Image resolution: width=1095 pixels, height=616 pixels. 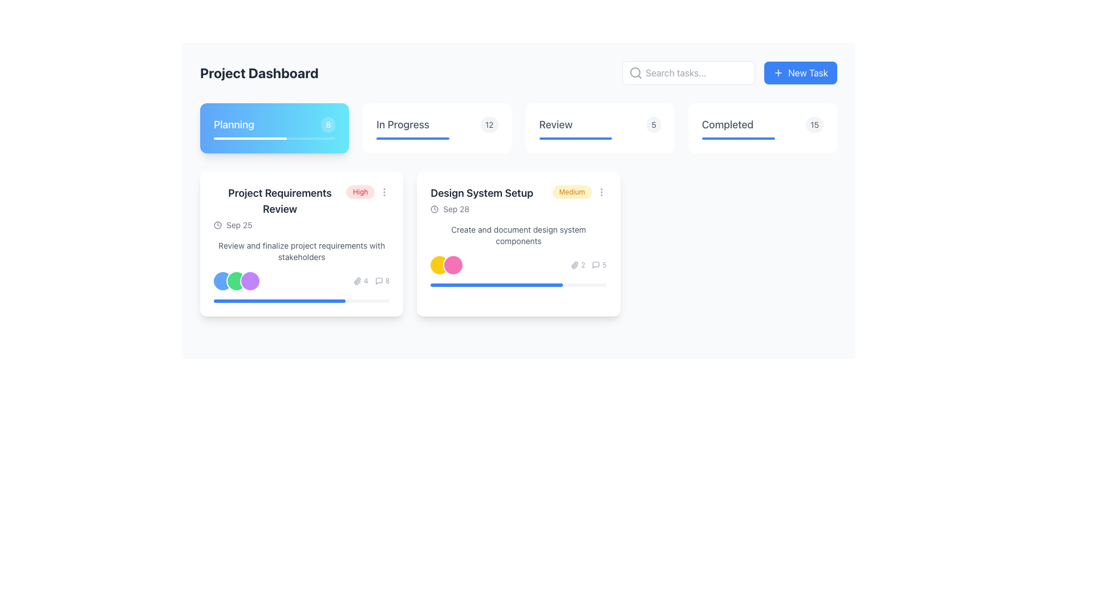 I want to click on the small speech bubble-like icon located to the left of the number '5' in the lower-right area of the 'Design System Setup' card, so click(x=595, y=265).